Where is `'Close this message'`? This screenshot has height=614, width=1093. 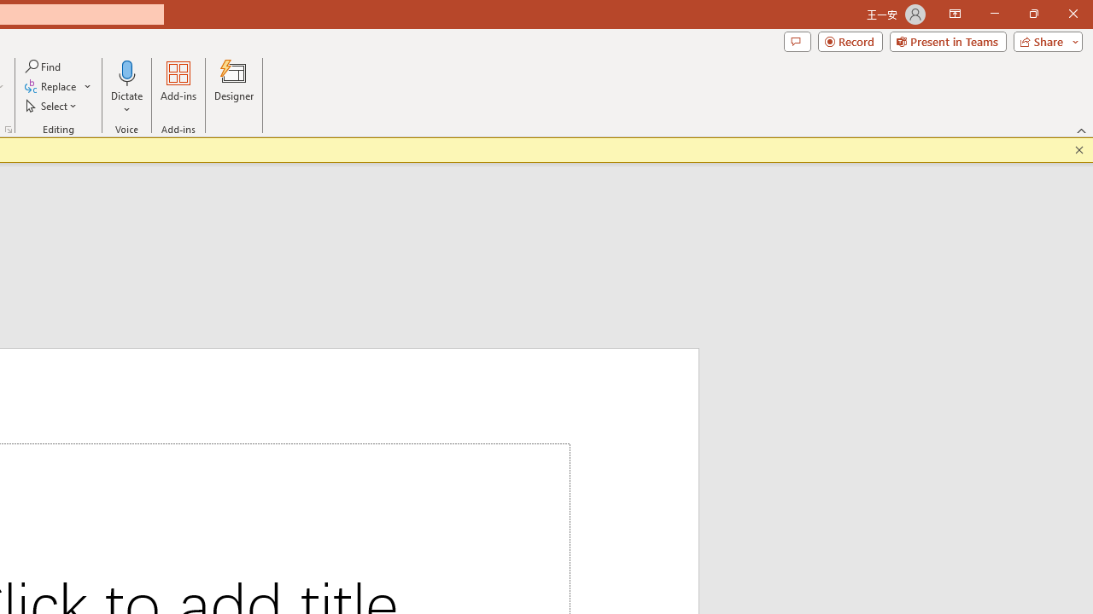
'Close this message' is located at coordinates (1078, 149).